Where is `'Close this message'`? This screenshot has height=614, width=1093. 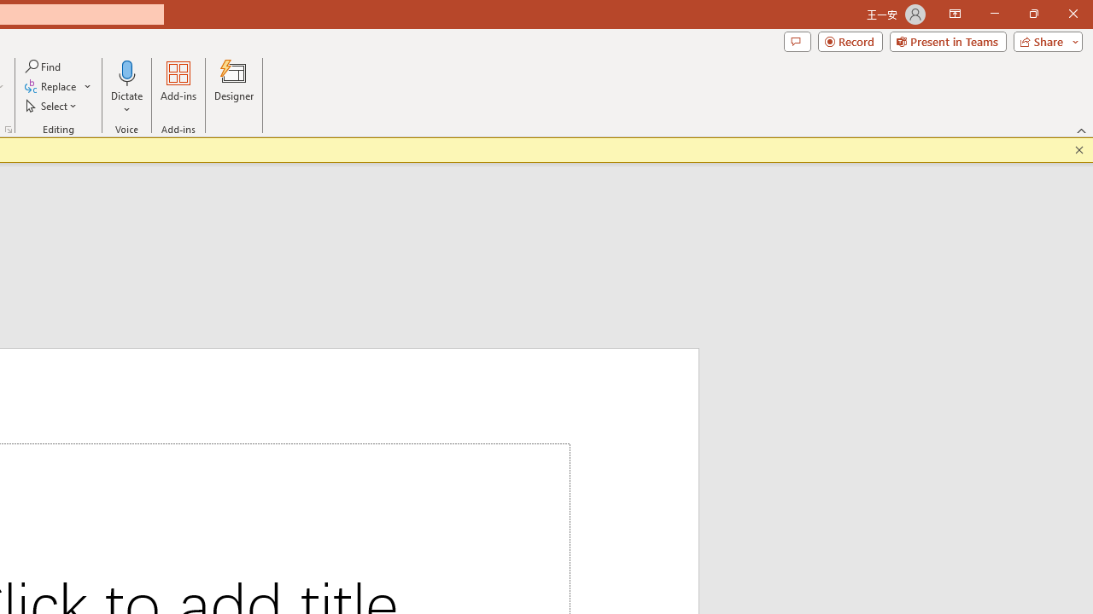
'Close this message' is located at coordinates (1078, 149).